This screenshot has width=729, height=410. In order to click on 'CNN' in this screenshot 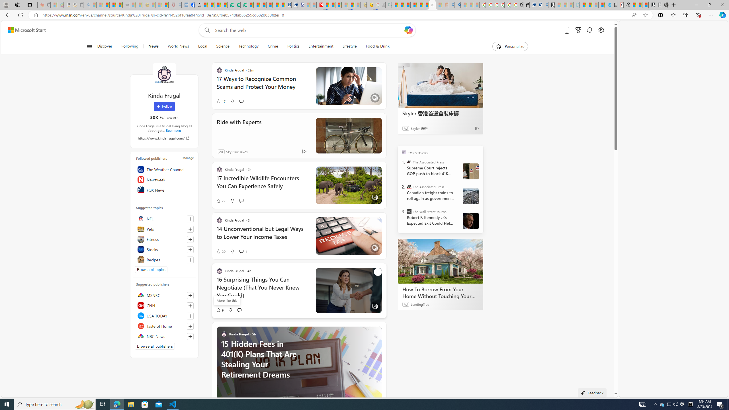, I will do `click(164, 305)`.